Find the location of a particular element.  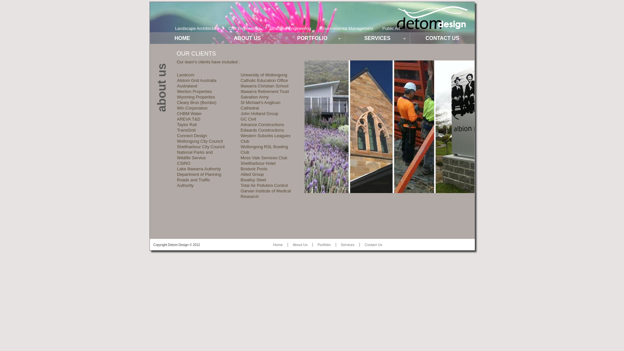

'Portfolio' is located at coordinates (312, 244).